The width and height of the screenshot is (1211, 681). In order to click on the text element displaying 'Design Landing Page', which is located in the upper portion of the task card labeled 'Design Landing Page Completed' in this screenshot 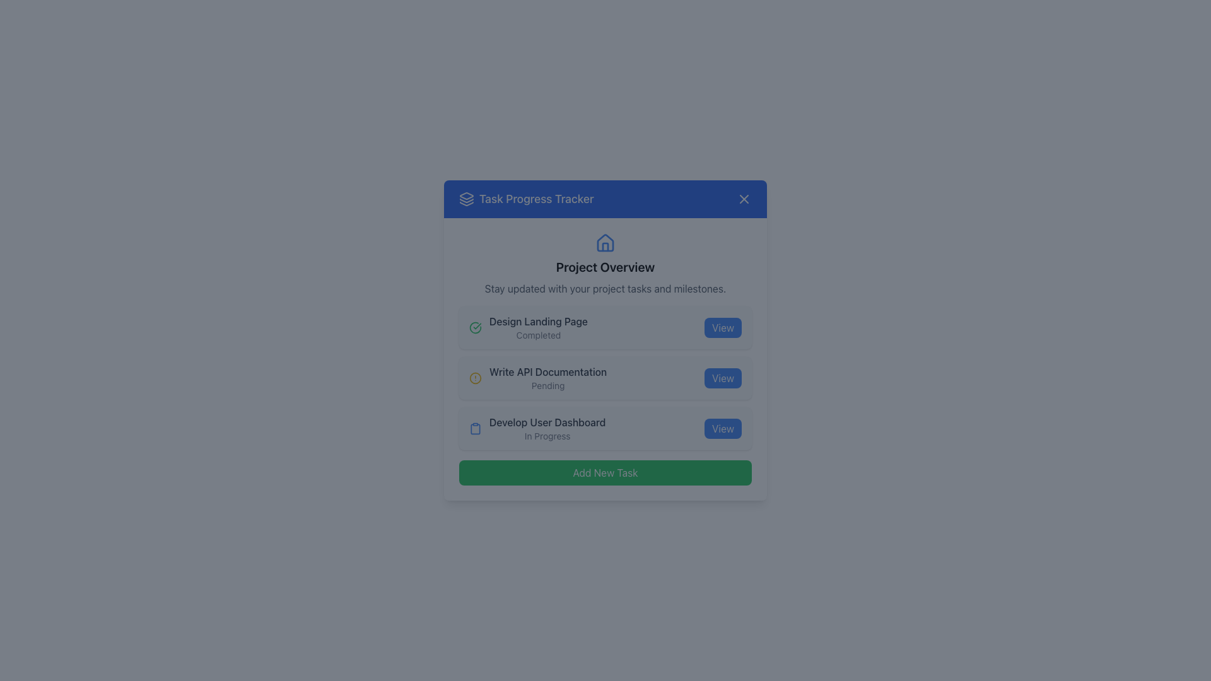, I will do `click(539, 320)`.